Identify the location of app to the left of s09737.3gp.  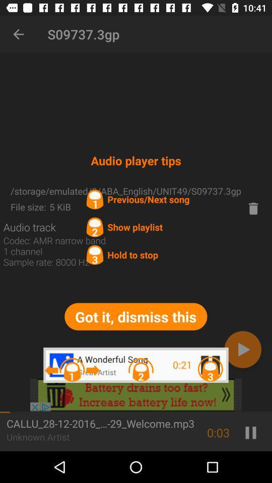
(18, 34).